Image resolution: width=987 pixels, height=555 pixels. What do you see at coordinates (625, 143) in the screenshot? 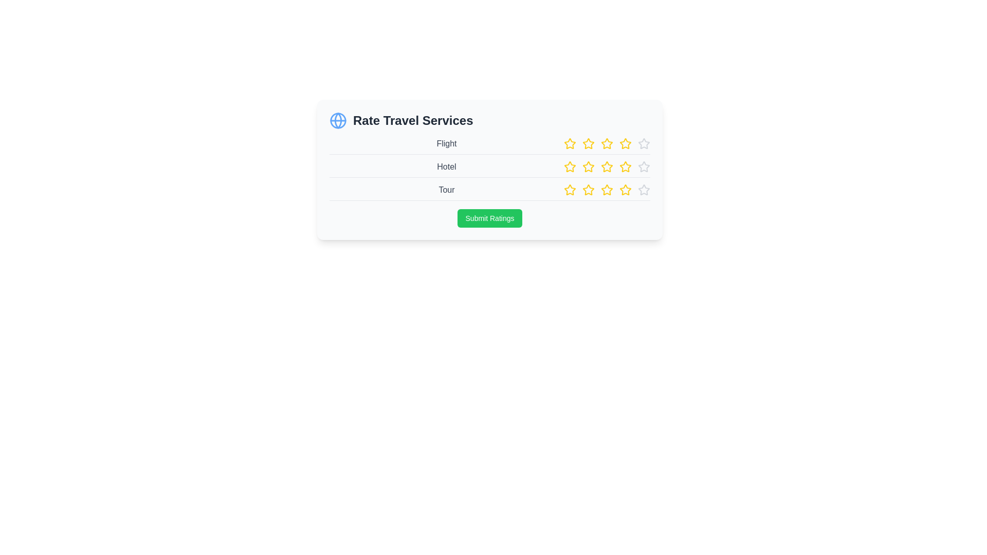
I see `the fifth star in the 'Flight' category of the 'Rate Travel Services' section` at bounding box center [625, 143].